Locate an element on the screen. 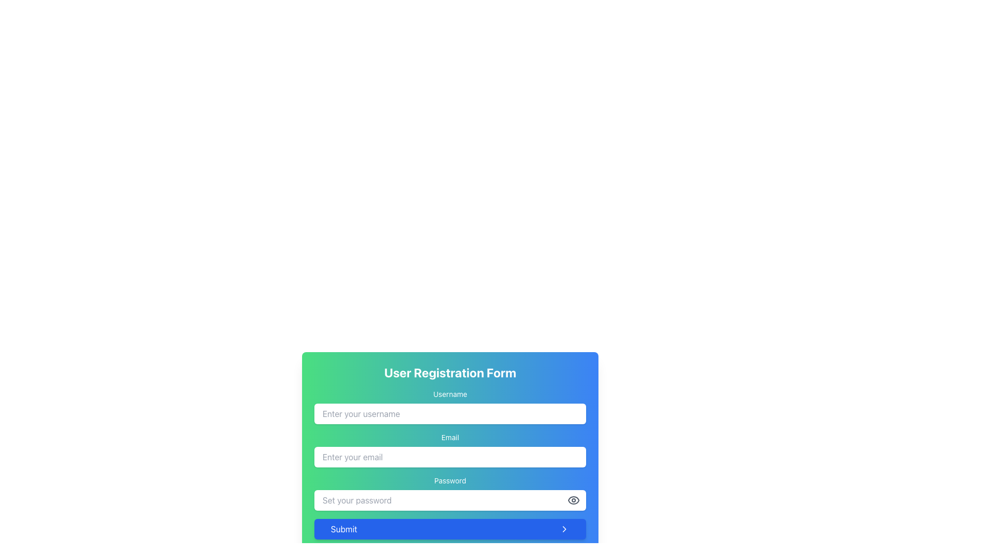  the submit button located at the bottom of the user registration form is located at coordinates (450, 529).